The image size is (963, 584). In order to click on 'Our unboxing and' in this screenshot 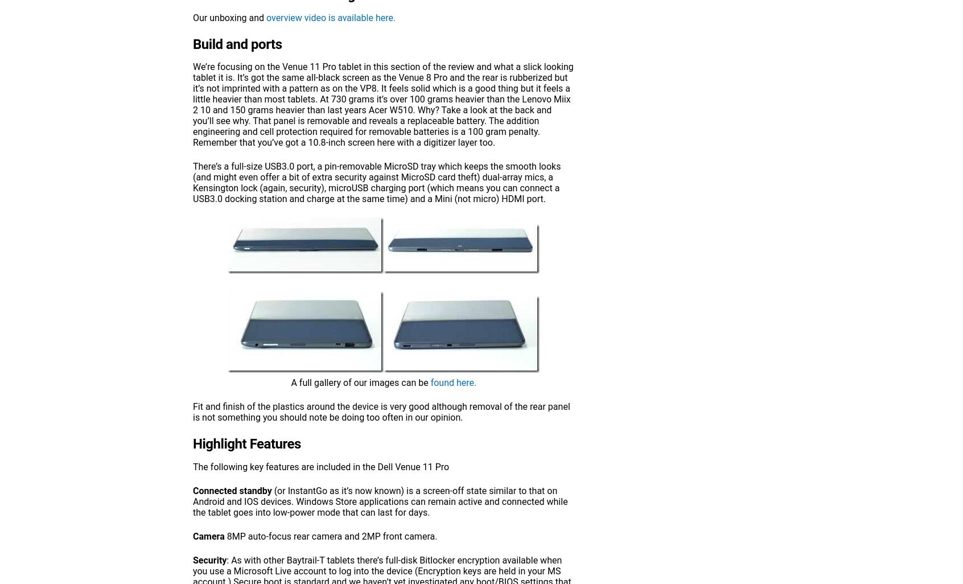, I will do `click(229, 17)`.